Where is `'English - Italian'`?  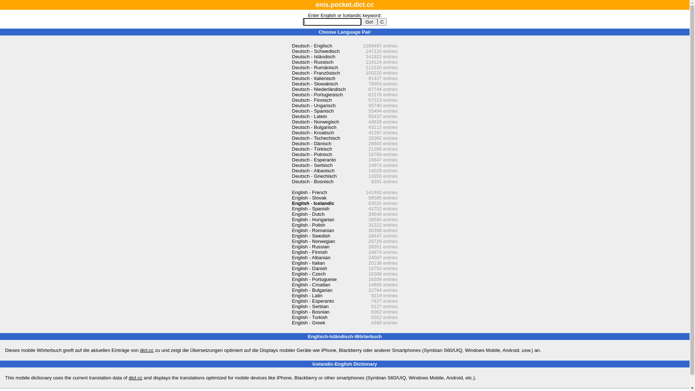
'English - Italian' is located at coordinates (308, 263).